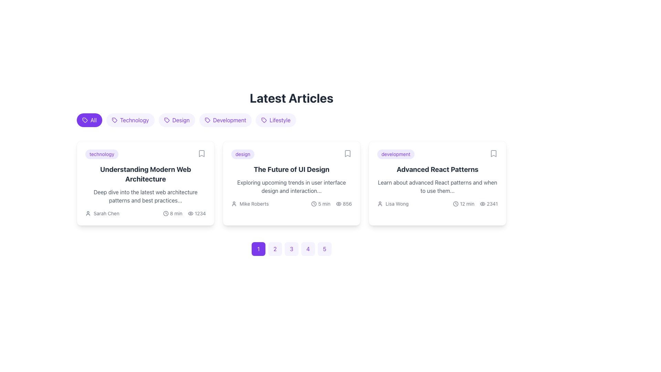  What do you see at coordinates (276, 120) in the screenshot?
I see `the 'Lifestyle' category filter button` at bounding box center [276, 120].